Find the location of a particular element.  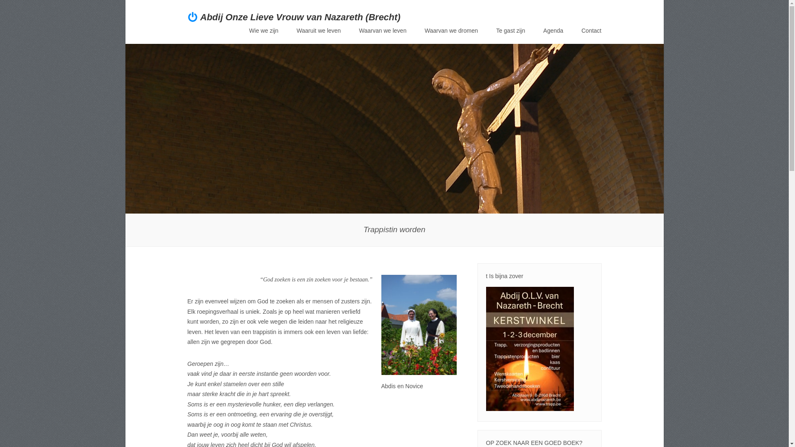

'Waarvan we dromen' is located at coordinates (451, 30).